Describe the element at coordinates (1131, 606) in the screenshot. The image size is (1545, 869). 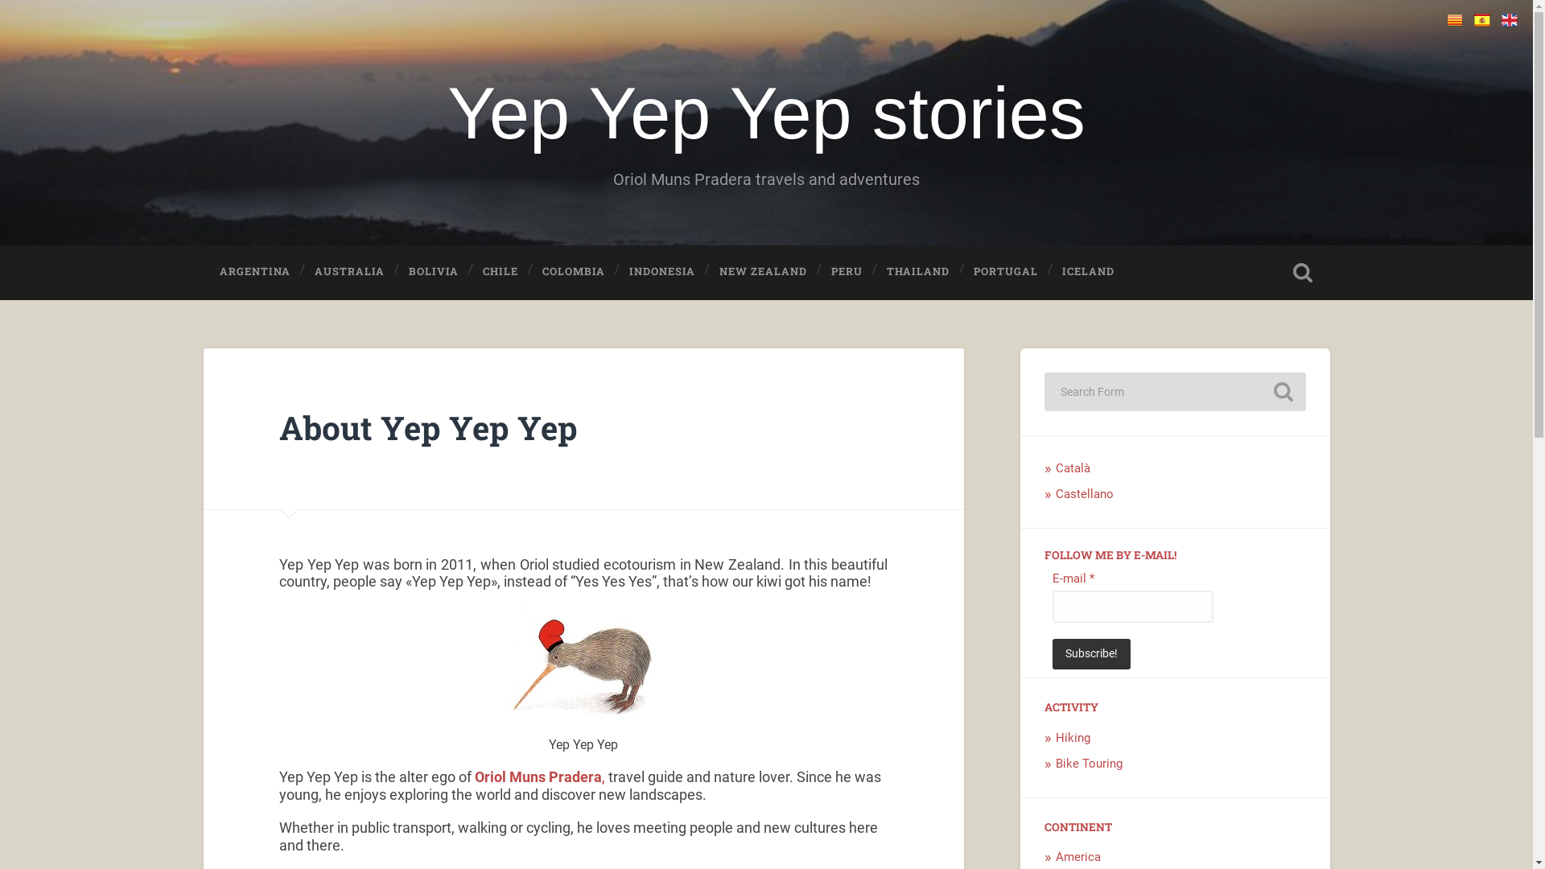
I see `'E-mail'` at that location.